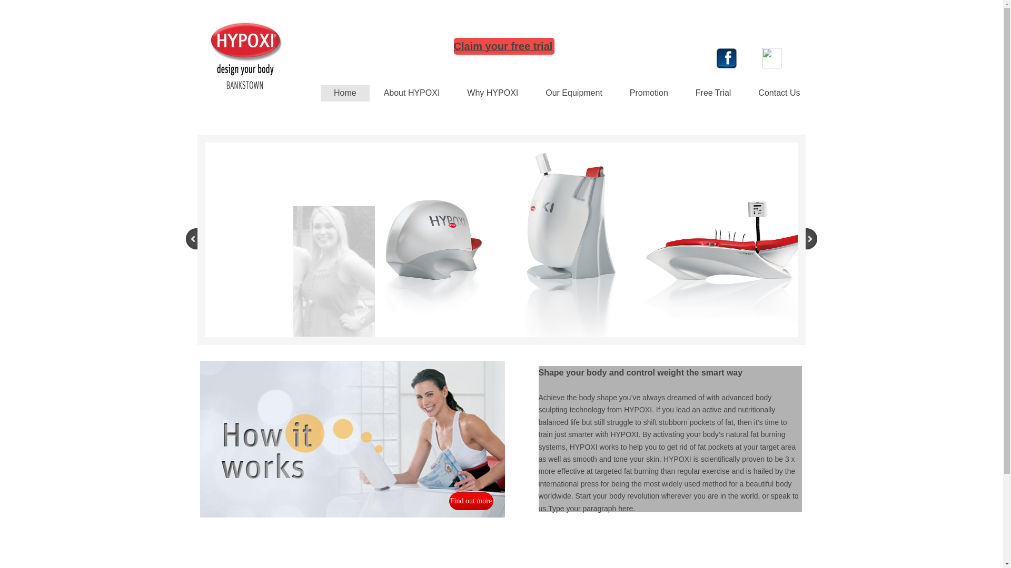 This screenshot has width=1011, height=568. I want to click on 'Our Equipment', so click(573, 93).